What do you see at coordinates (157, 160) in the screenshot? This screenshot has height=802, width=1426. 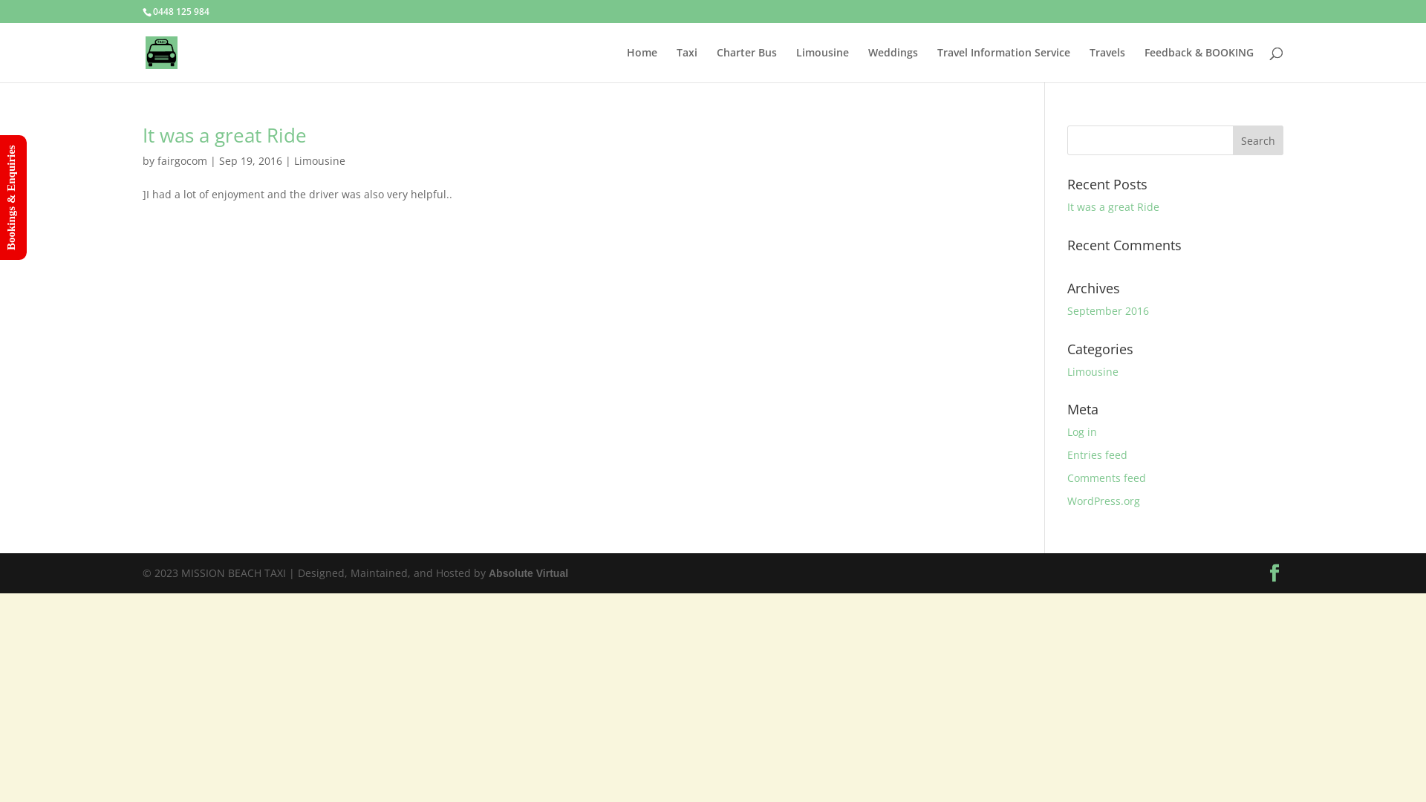 I see `'fairgocom'` at bounding box center [157, 160].